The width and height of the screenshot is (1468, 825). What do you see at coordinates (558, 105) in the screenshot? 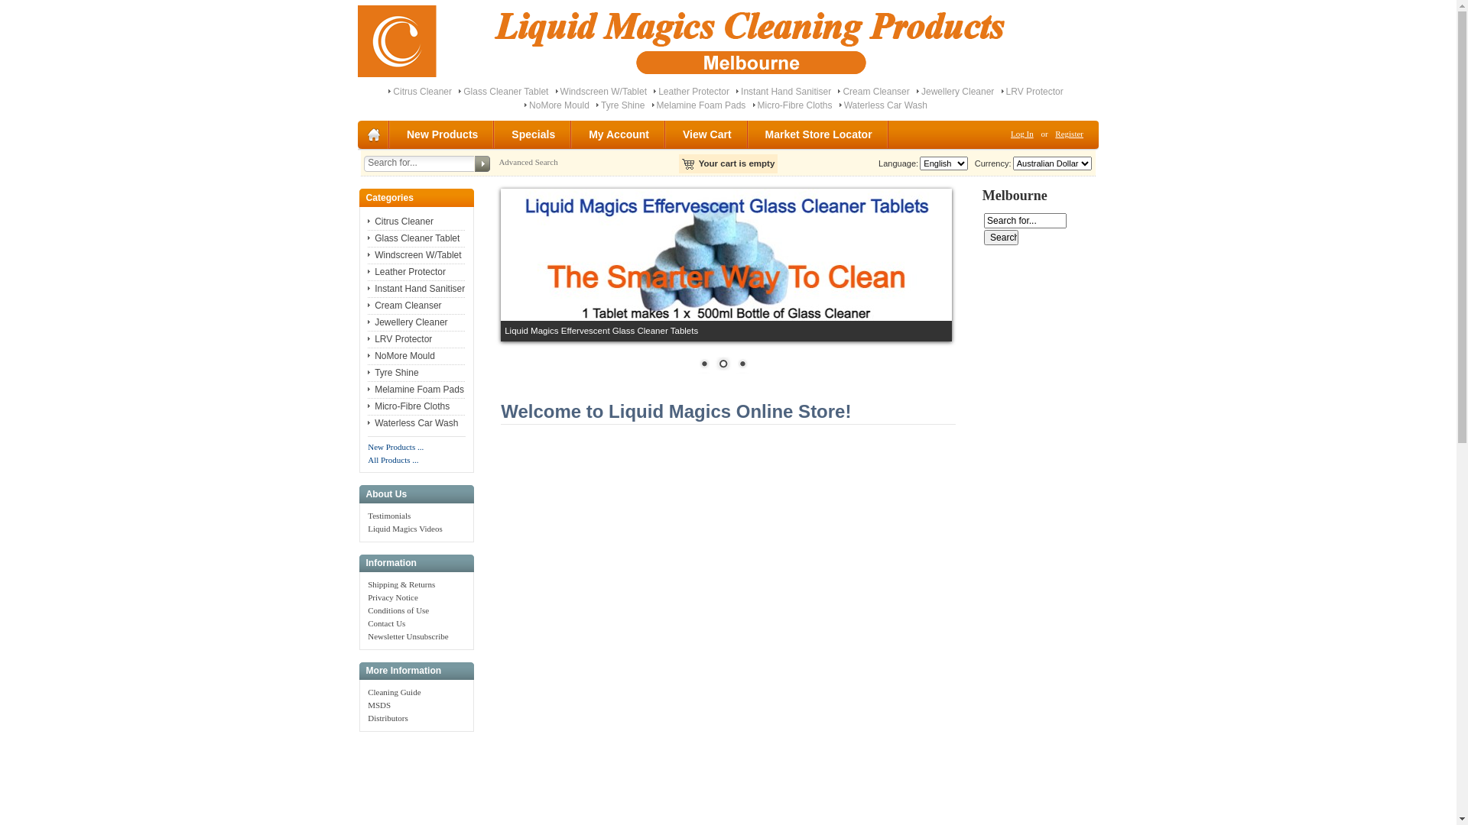
I see `'NoMore Mould'` at bounding box center [558, 105].